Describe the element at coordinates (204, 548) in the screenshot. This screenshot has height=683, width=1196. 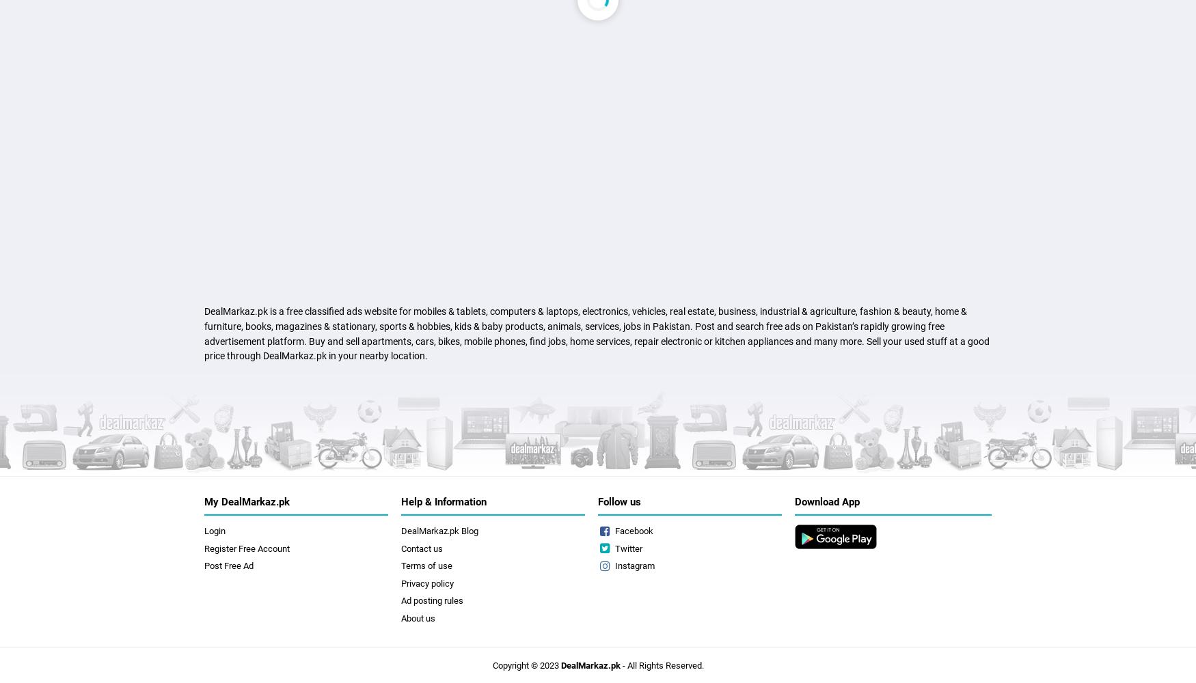
I see `'Register Free Account'` at that location.